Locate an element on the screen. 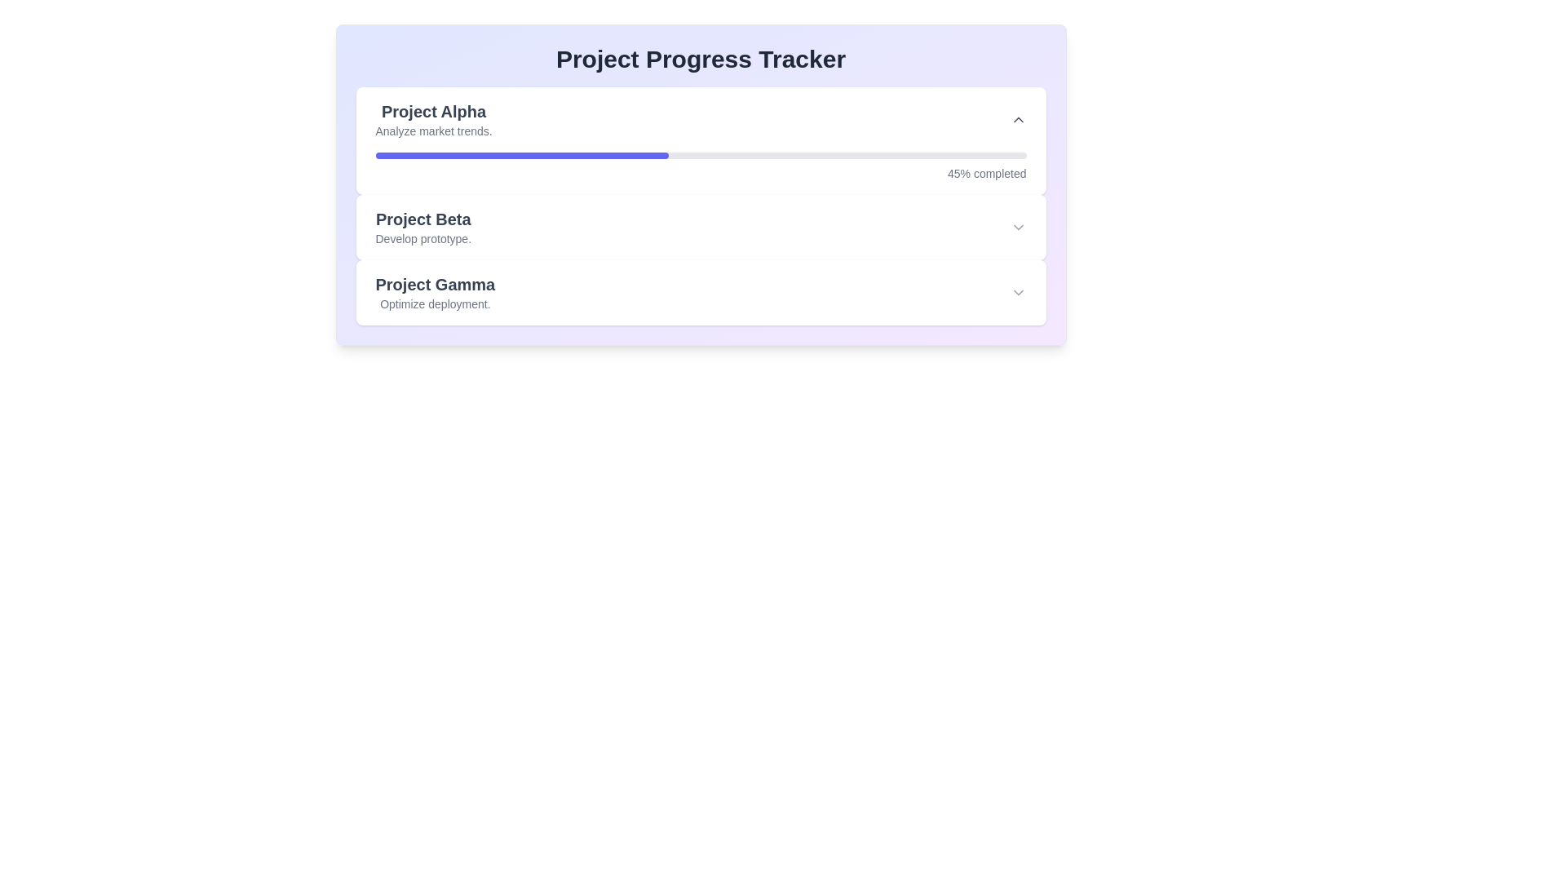  the text label that serves as a subtitle for the 'Project Alpha' project, located below the title in a card layout is located at coordinates (434, 131).